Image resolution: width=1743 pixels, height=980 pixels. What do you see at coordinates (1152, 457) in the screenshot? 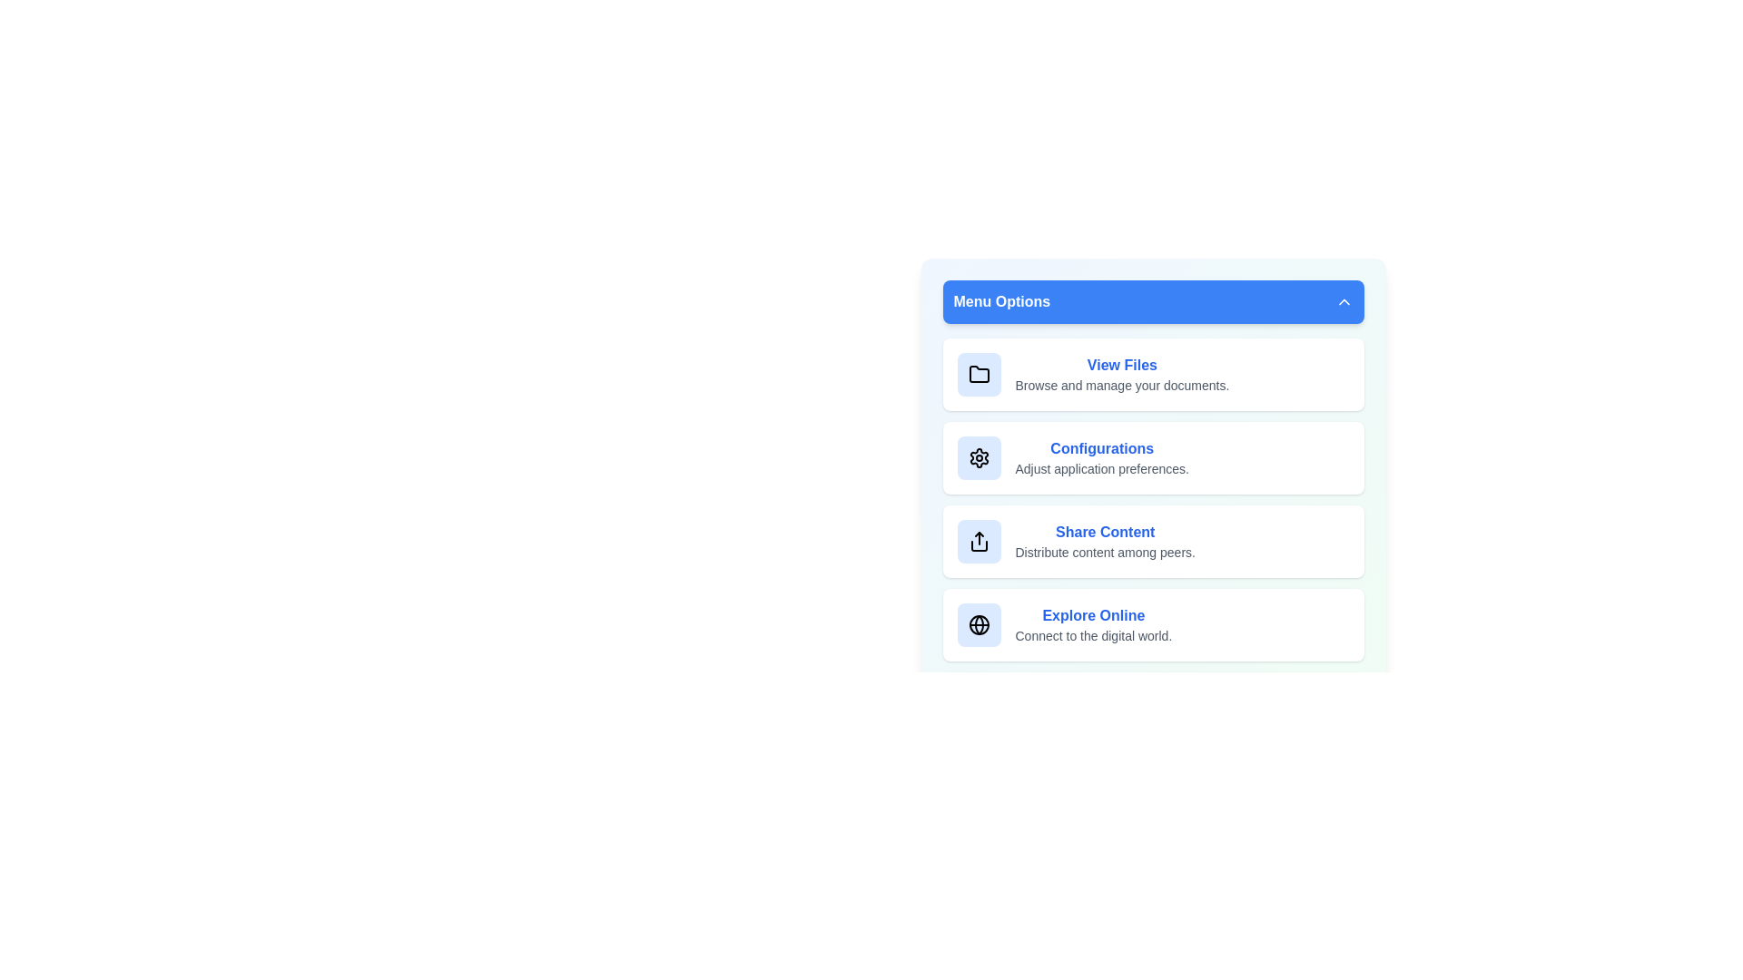
I see `the menu item Configurations from the menu` at bounding box center [1152, 457].